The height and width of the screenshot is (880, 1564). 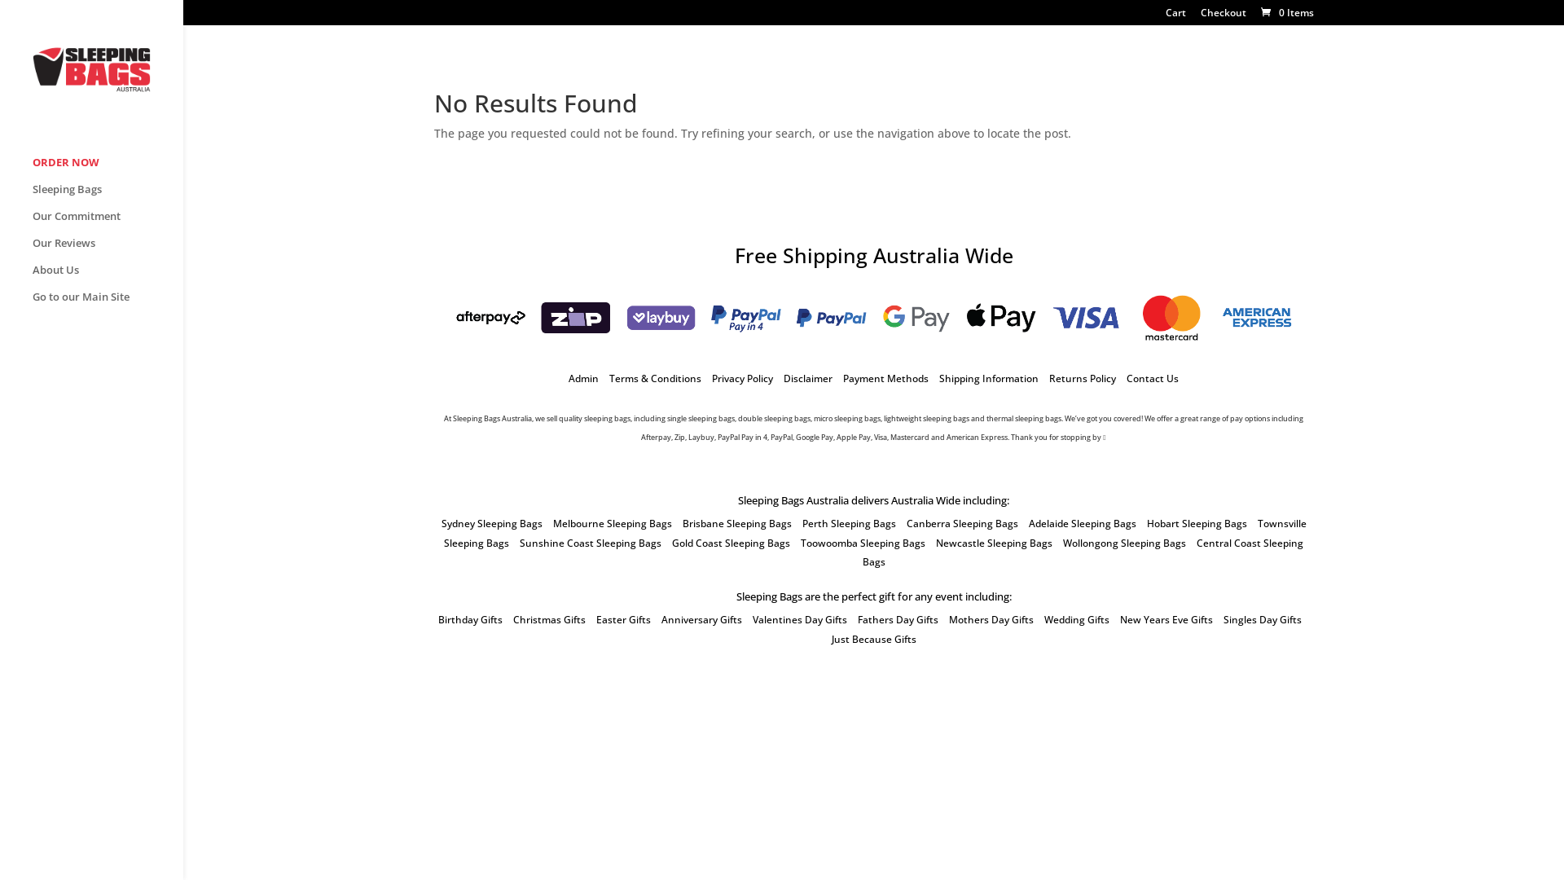 I want to click on 'Go to our Main Site', so click(x=32, y=304).